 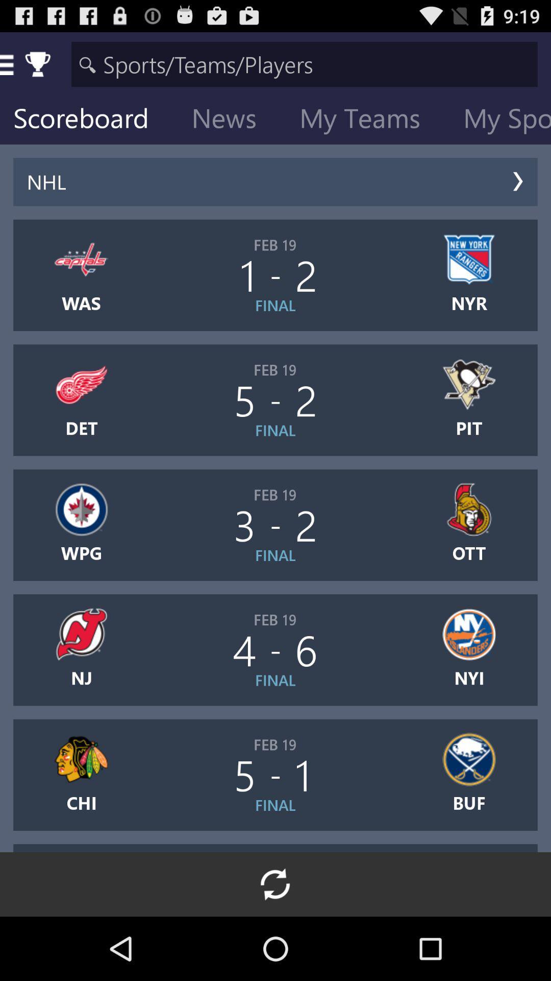 What do you see at coordinates (304, 63) in the screenshot?
I see `search box` at bounding box center [304, 63].